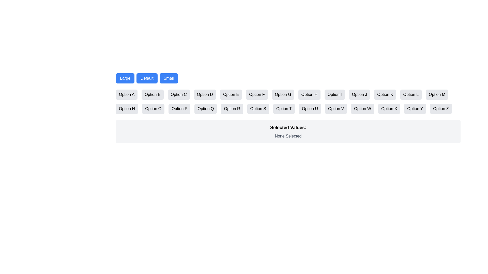  What do you see at coordinates (385, 95) in the screenshot?
I see `the button labeled 'Option K', which is a rectangular button with a light gray background and bold black text` at bounding box center [385, 95].